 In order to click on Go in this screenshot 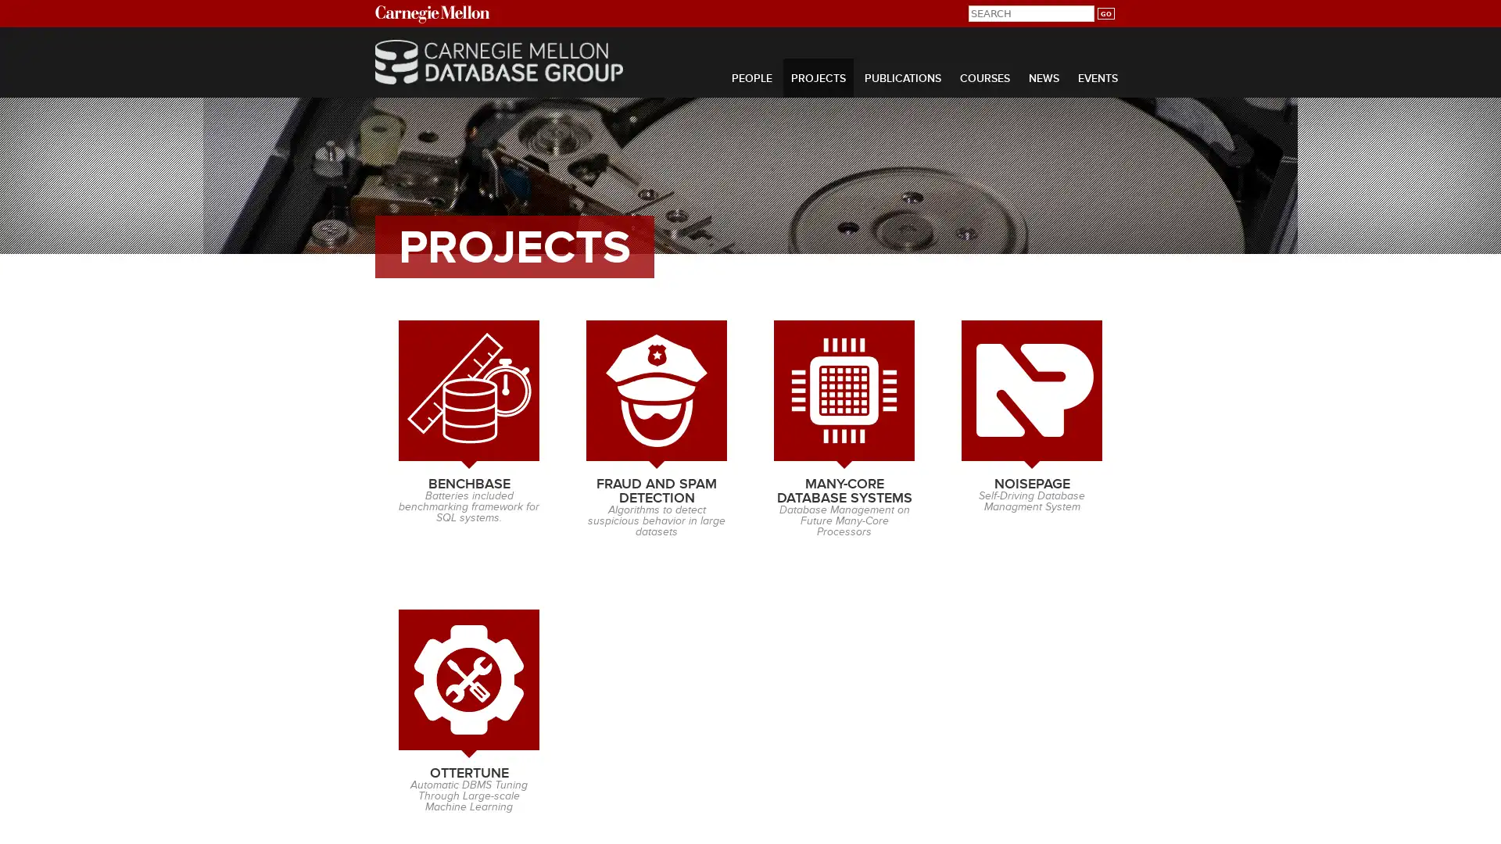, I will do `click(1105, 13)`.